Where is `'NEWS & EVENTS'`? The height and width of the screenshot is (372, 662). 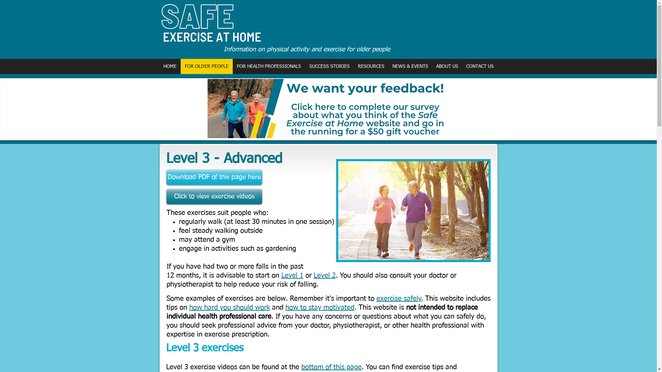 'NEWS & EVENTS' is located at coordinates (410, 66).